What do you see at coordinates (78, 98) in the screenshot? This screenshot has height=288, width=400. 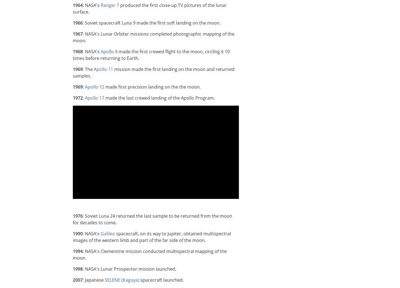 I see `'1972'` at bounding box center [78, 98].